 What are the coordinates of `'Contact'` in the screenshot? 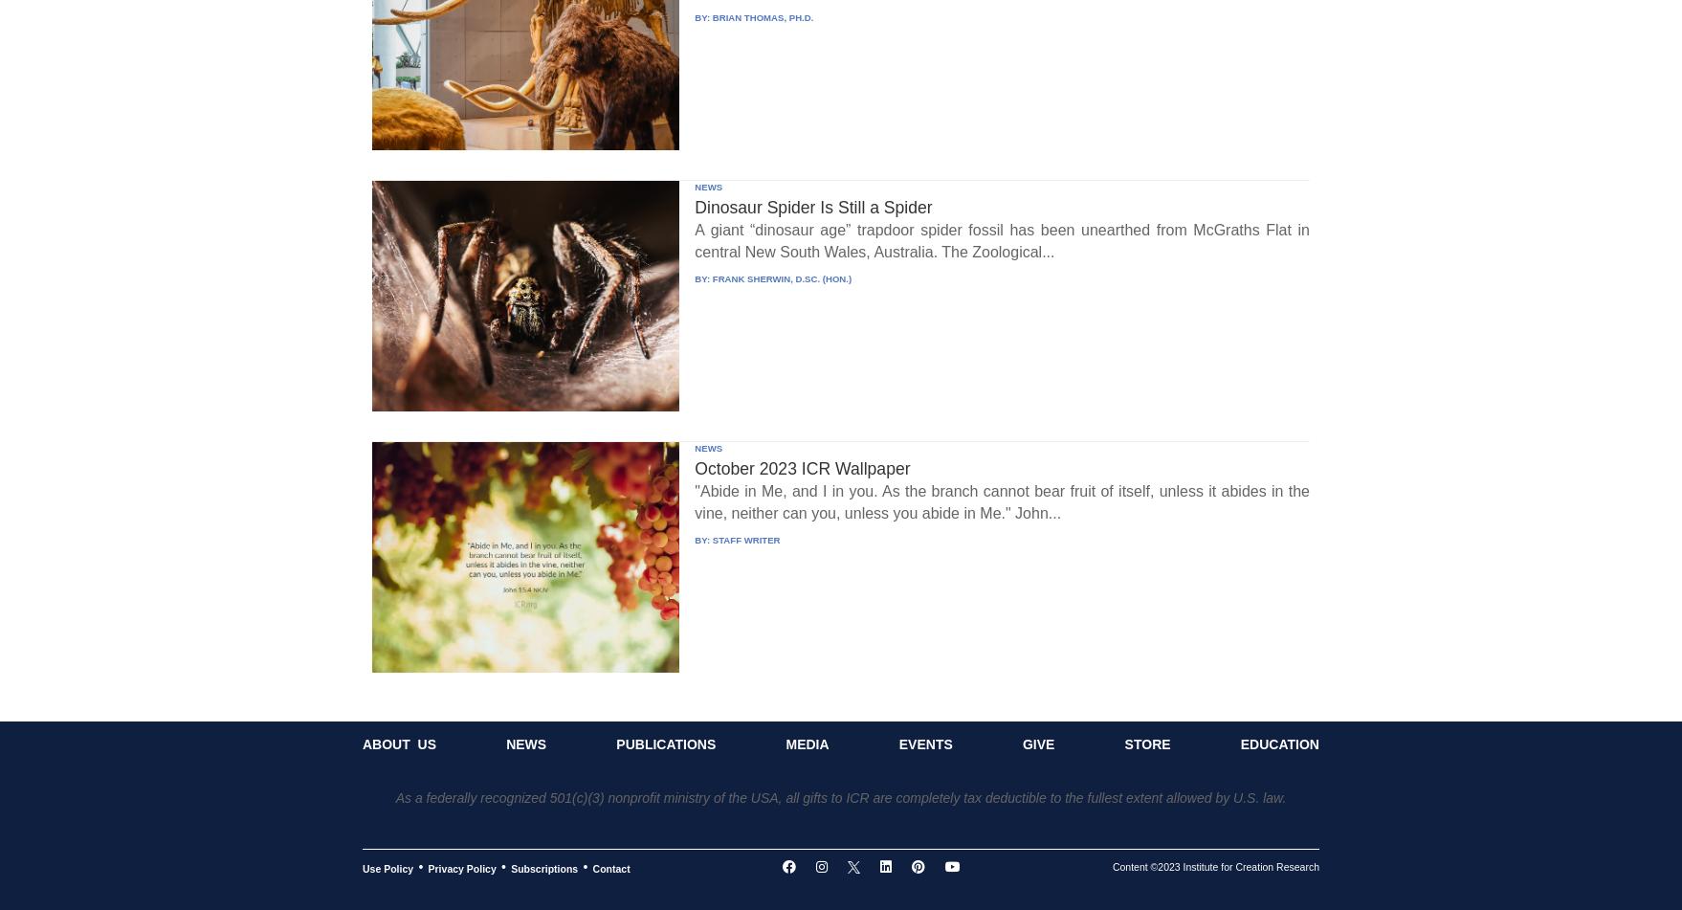 It's located at (610, 866).